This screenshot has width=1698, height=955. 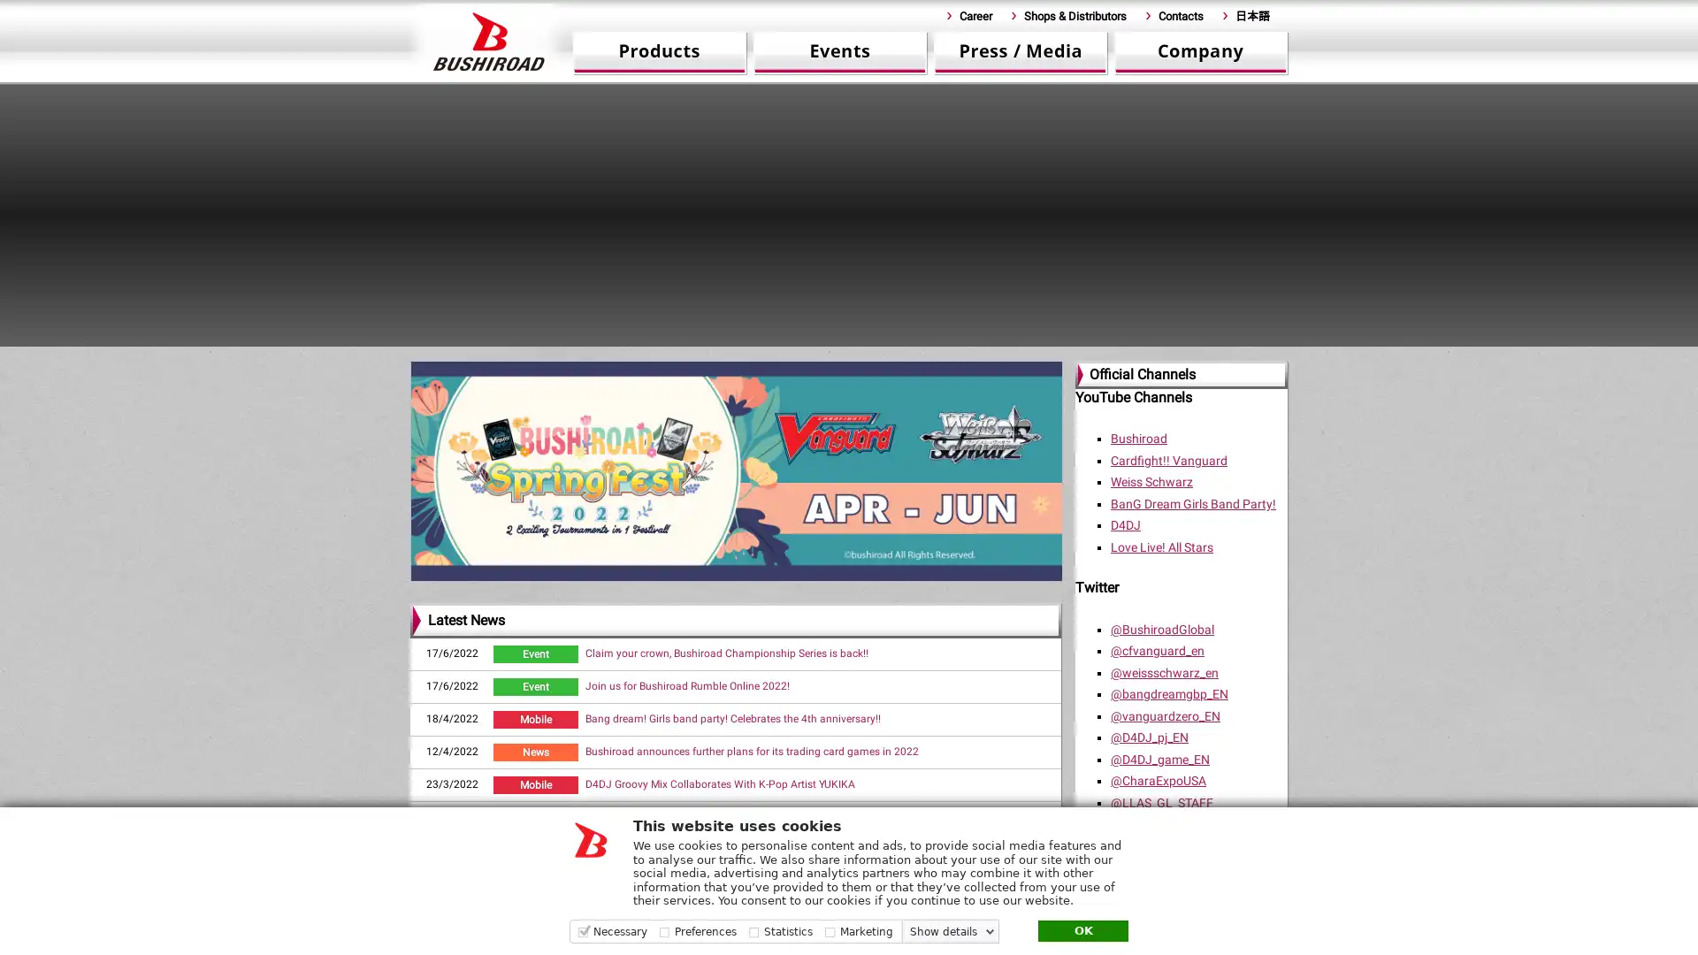 I want to click on 15, so click(x=1021, y=340).